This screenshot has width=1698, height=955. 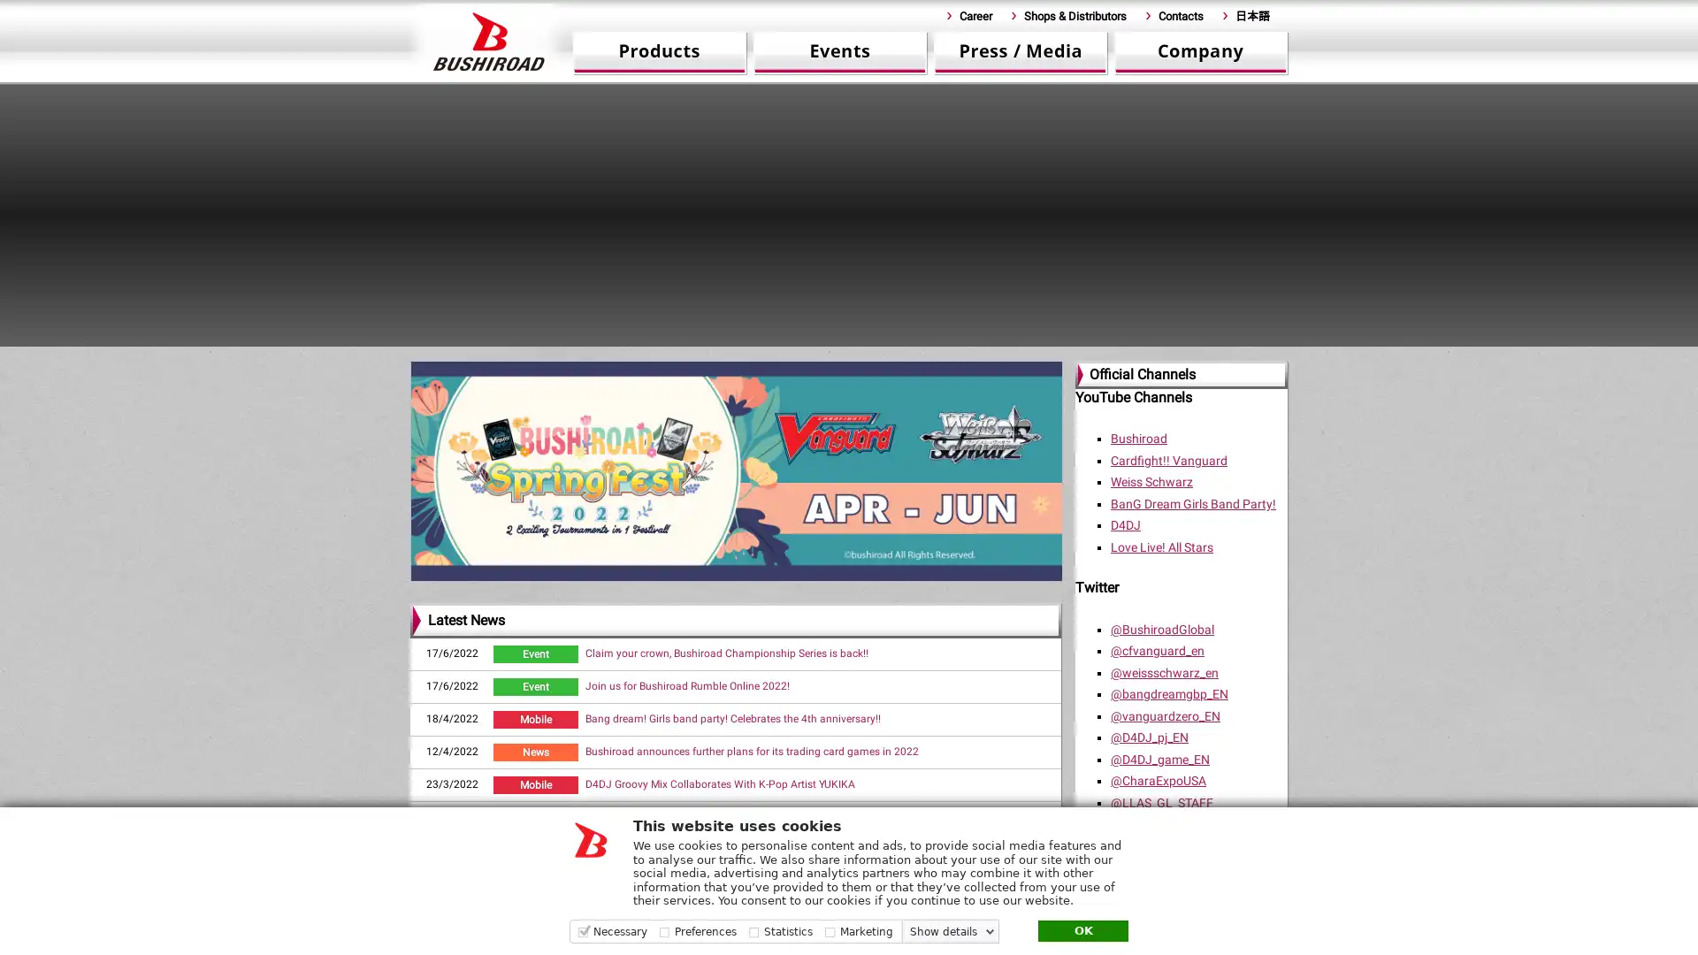 I want to click on 15, so click(x=1021, y=340).